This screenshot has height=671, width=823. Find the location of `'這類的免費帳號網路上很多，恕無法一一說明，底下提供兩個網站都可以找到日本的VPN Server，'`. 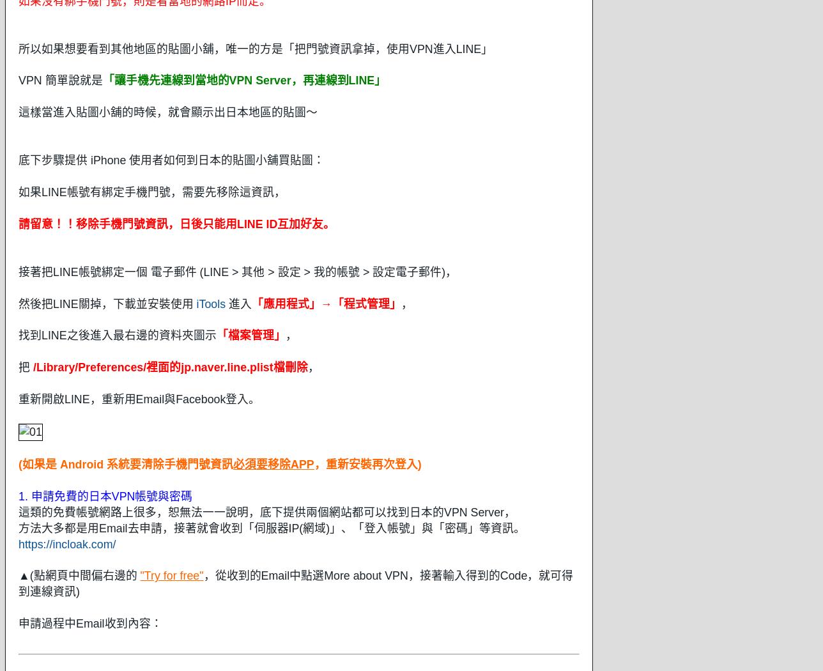

'這類的免費帳號網路上很多，恕無法一一說明，底下提供兩個網站都可以找到日本的VPN Server，' is located at coordinates (266, 511).